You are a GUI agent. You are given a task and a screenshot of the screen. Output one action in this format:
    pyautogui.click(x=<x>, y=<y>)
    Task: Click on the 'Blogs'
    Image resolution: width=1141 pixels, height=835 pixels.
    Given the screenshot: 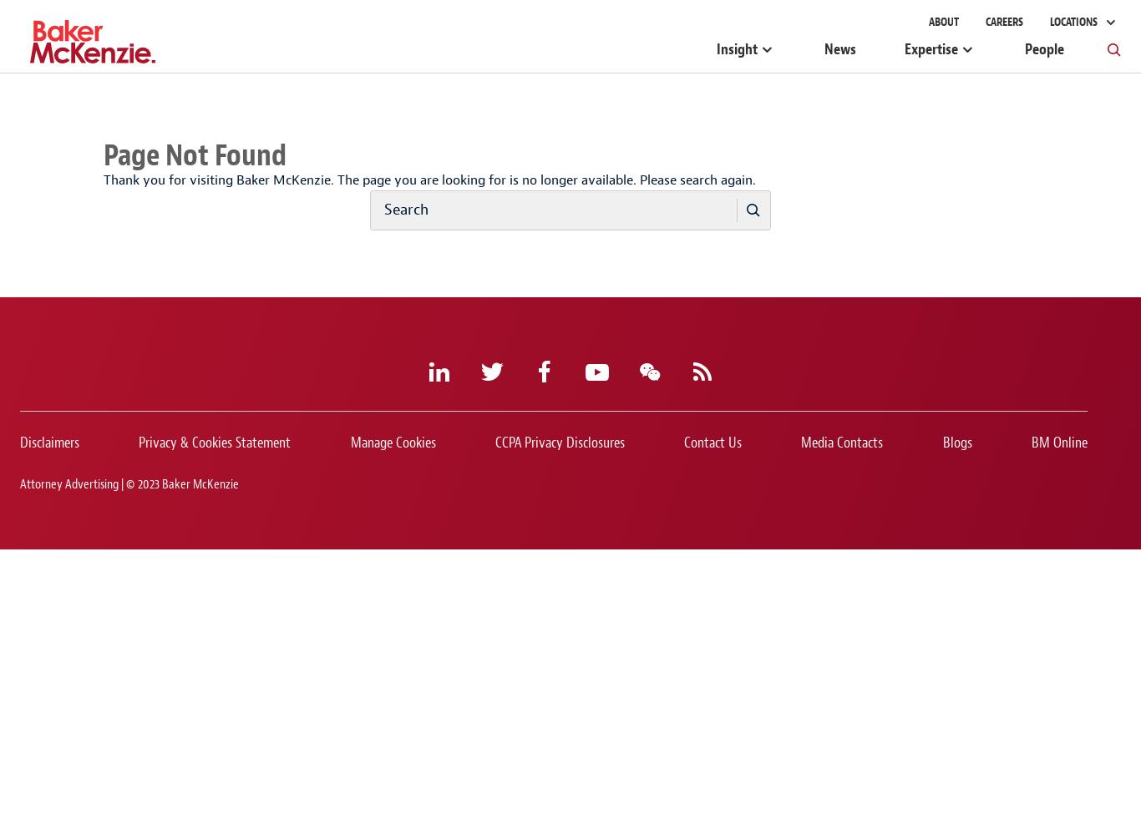 What is the action you would take?
    pyautogui.click(x=941, y=443)
    